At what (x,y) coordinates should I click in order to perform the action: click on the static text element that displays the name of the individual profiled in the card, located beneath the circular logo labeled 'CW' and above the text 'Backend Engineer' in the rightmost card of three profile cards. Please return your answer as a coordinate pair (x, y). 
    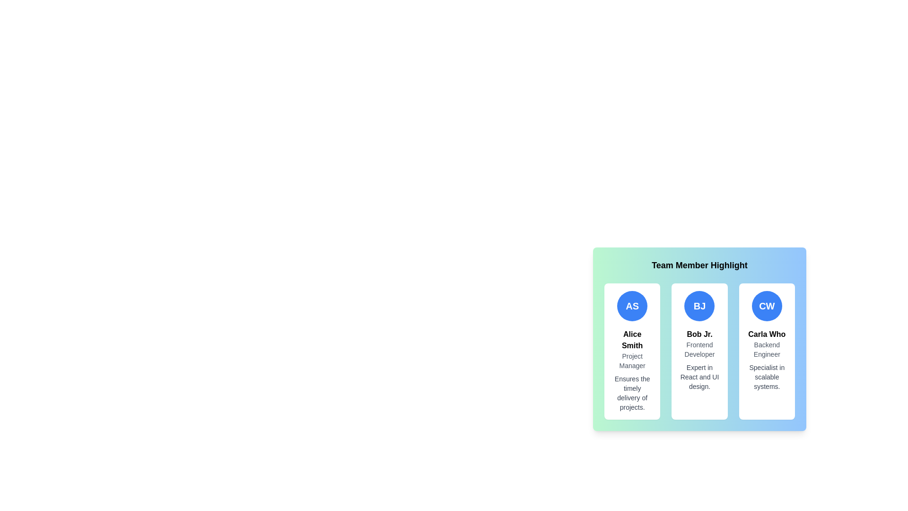
    Looking at the image, I should click on (767, 334).